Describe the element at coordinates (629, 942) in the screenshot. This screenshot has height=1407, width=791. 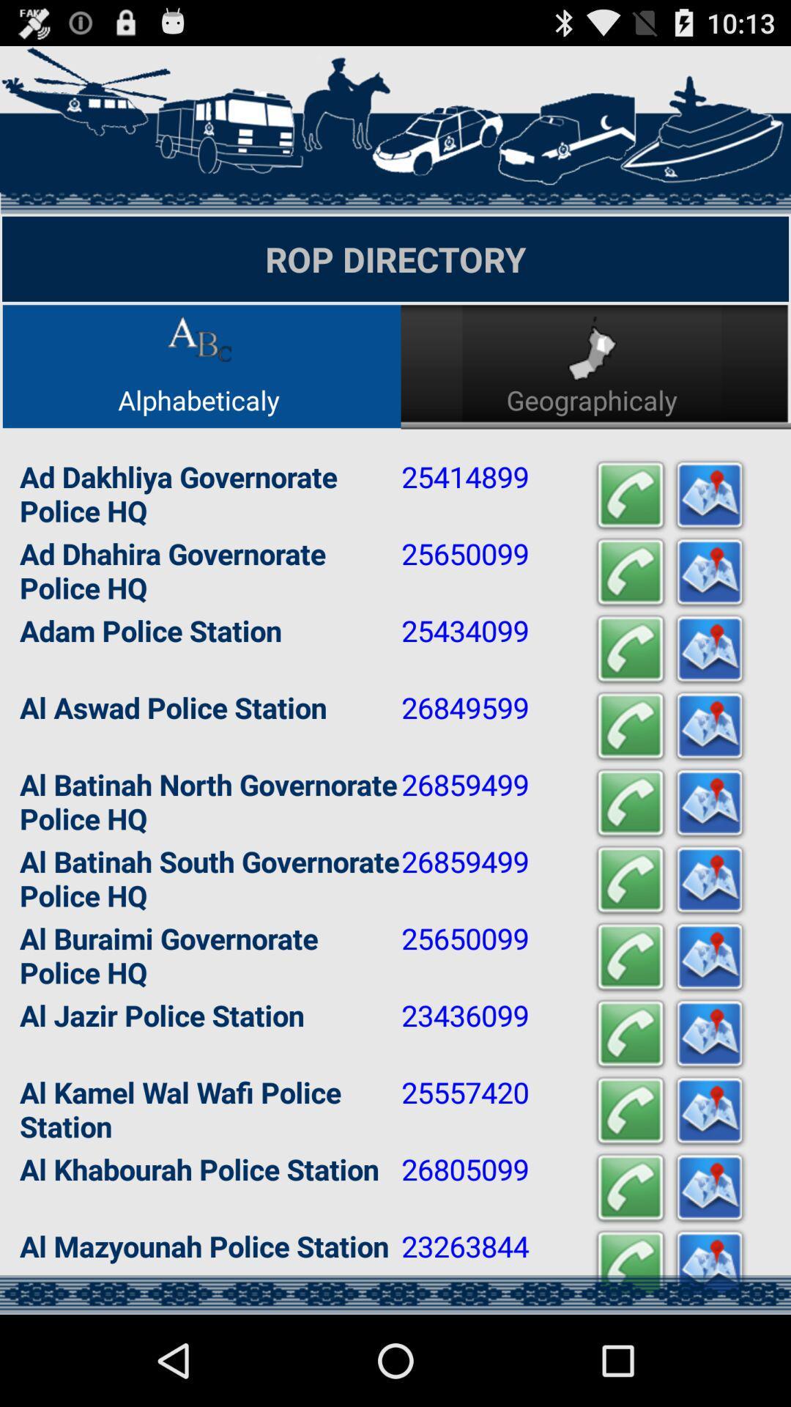
I see `the call icon` at that location.